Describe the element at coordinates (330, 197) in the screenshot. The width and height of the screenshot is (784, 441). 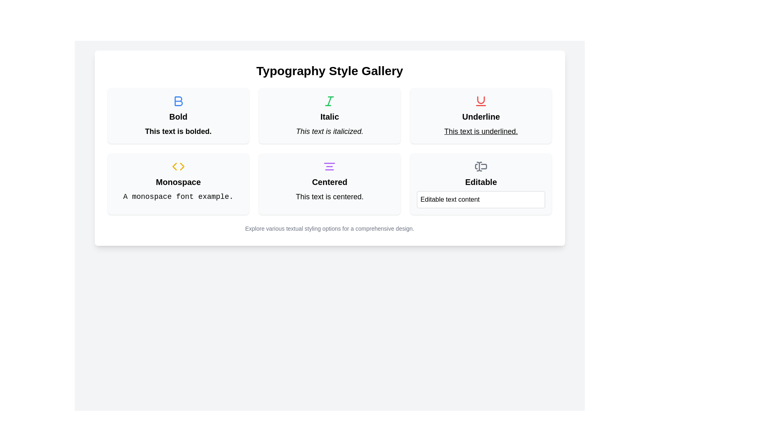
I see `the static text element that demonstrates centered text alignment within the 'Centered' module, located in the grid below the heading 'Centered'` at that location.